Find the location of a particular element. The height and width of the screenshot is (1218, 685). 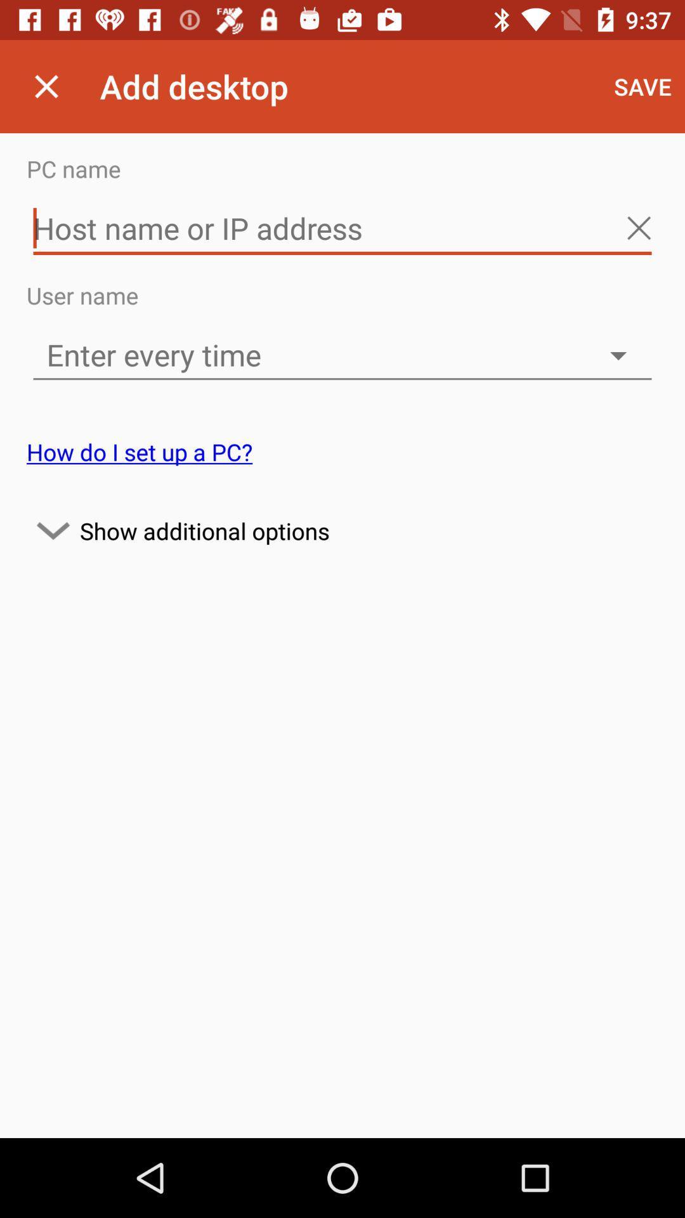

the icon above the pc name is located at coordinates (46, 86).